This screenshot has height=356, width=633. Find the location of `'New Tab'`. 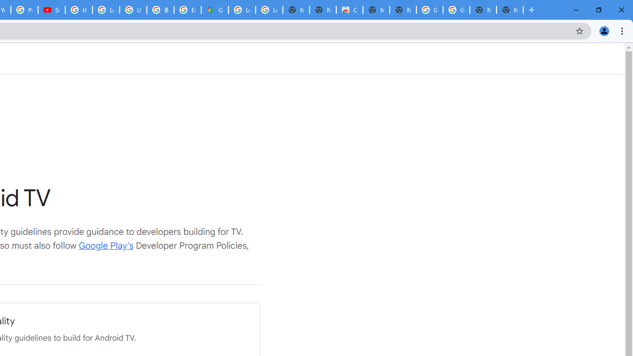

'New Tab' is located at coordinates (510, 10).